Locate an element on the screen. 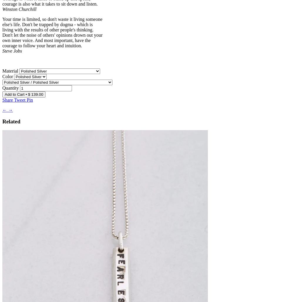 Image resolution: width=303 pixels, height=302 pixels. 'Share' is located at coordinates (8, 99).